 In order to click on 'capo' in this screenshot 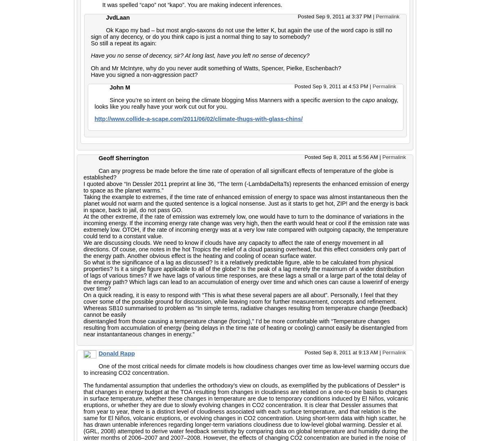, I will do `click(368, 100)`.